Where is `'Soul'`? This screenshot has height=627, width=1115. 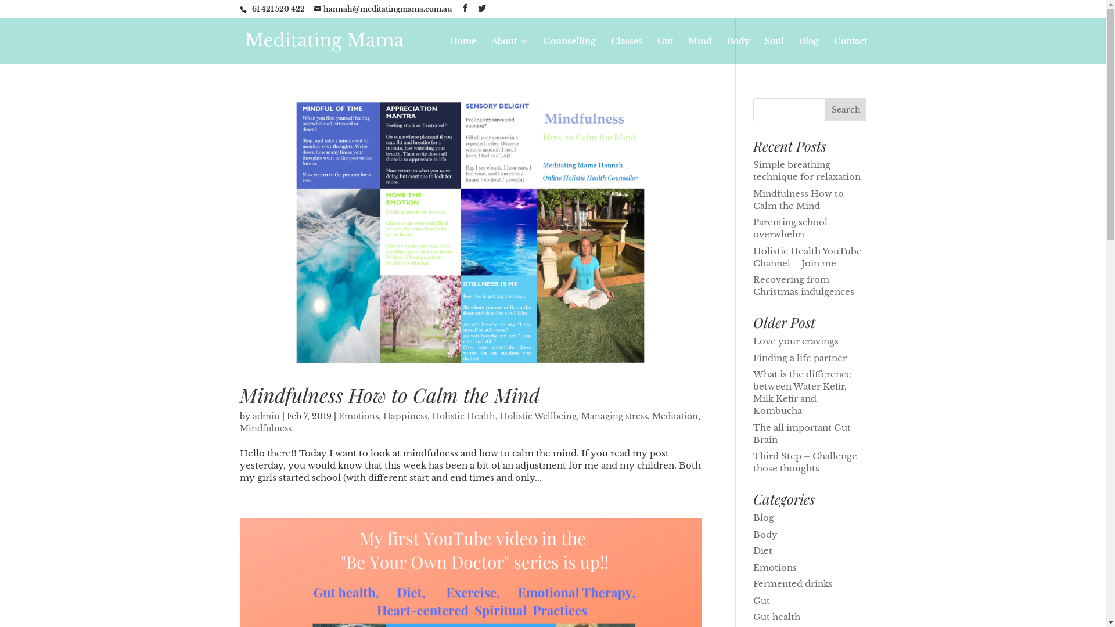 'Soul' is located at coordinates (774, 50).